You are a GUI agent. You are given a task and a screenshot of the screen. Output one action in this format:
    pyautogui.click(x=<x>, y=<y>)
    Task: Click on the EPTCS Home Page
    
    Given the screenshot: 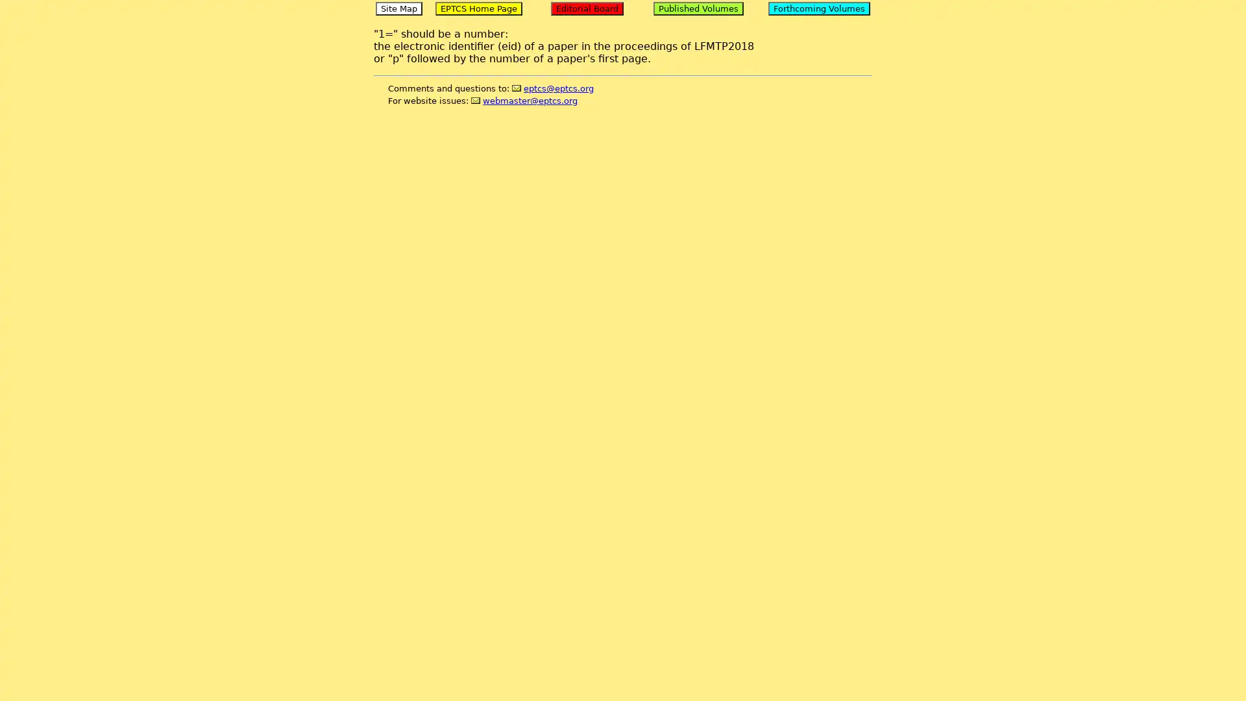 What is the action you would take?
    pyautogui.click(x=478, y=8)
    